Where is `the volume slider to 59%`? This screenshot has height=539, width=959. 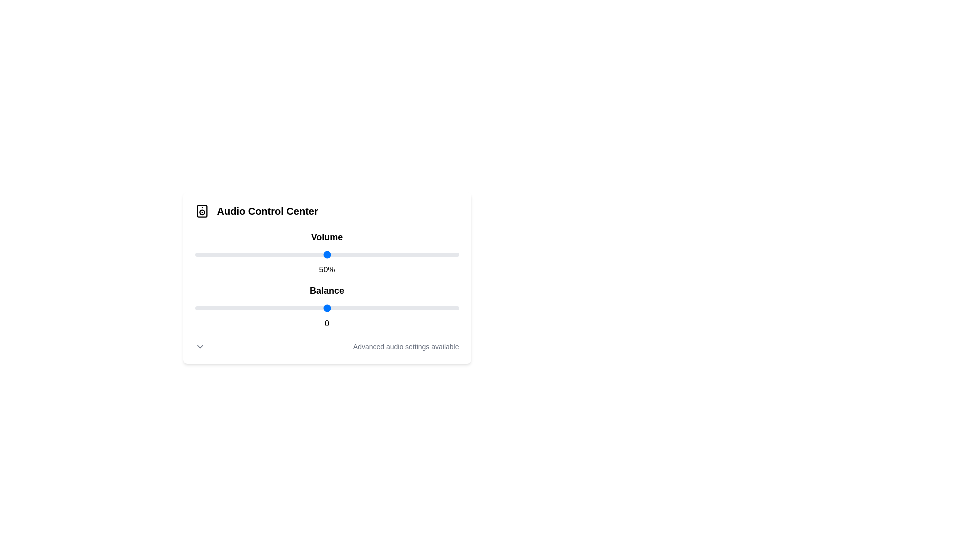 the volume slider to 59% is located at coordinates (350, 254).